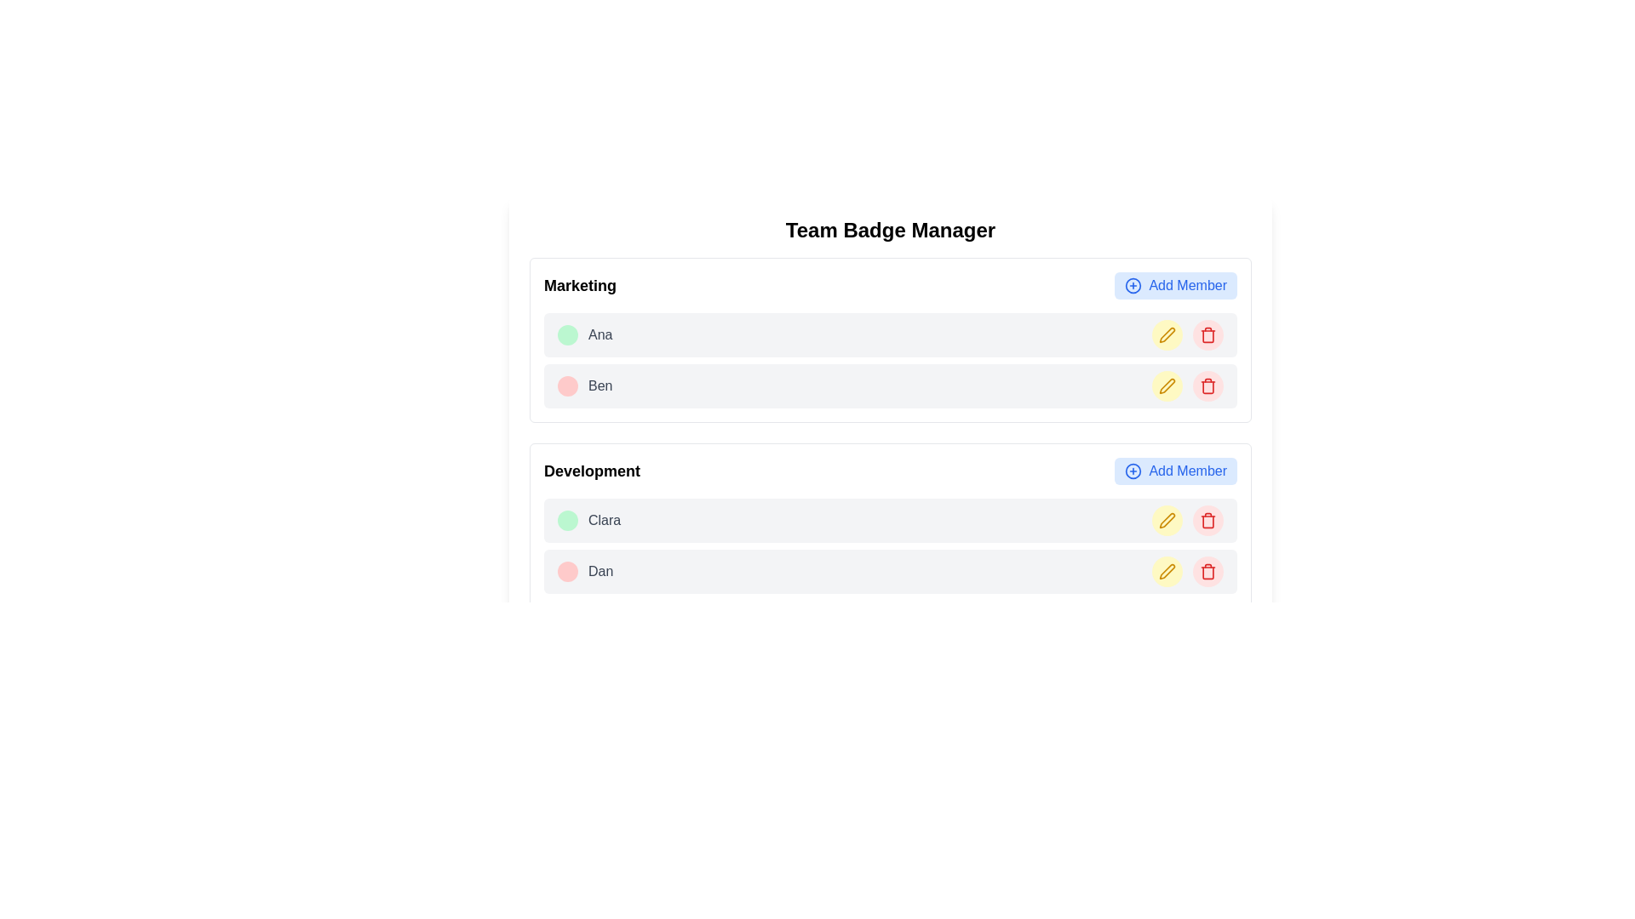 The width and height of the screenshot is (1635, 919). What do you see at coordinates (1167, 386) in the screenshot?
I see `the circular yellow button with a pen icon located in the second row under the 'Marketing' category, to the right of 'Ben', to initiate the editing process` at bounding box center [1167, 386].